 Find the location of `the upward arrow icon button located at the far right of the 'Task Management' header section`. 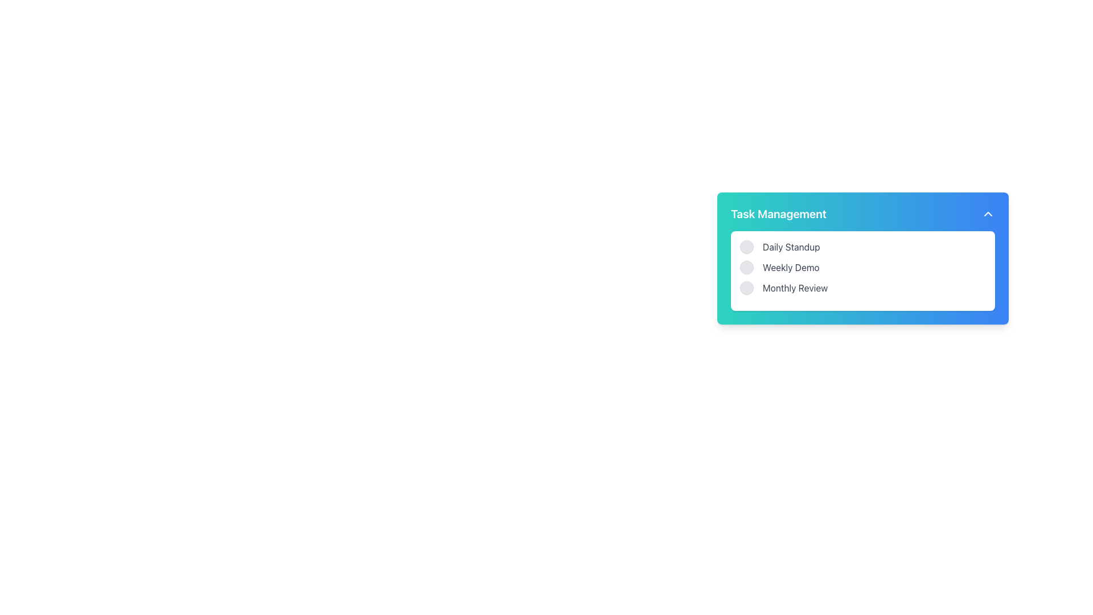

the upward arrow icon button located at the far right of the 'Task Management' header section is located at coordinates (988, 214).